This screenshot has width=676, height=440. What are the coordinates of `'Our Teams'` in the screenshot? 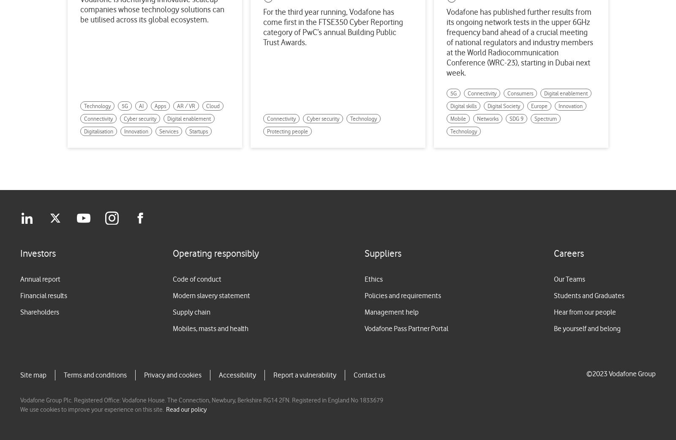 It's located at (569, 279).